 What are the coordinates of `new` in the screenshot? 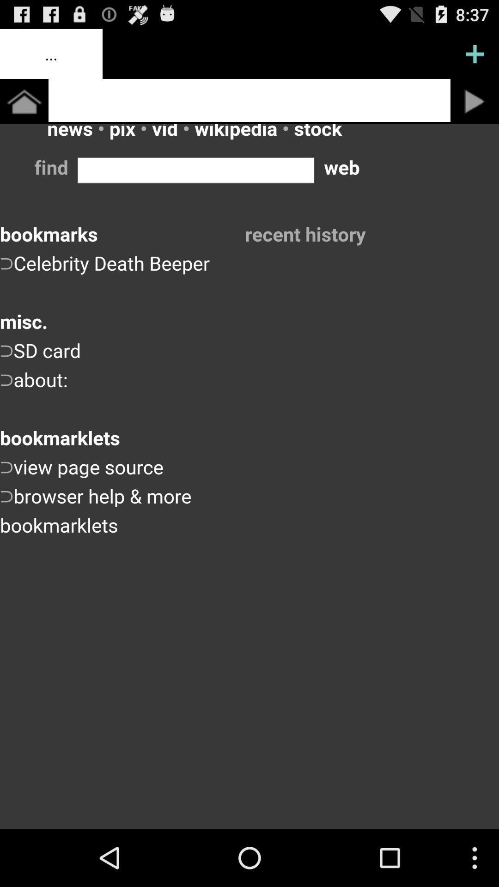 It's located at (475, 53).